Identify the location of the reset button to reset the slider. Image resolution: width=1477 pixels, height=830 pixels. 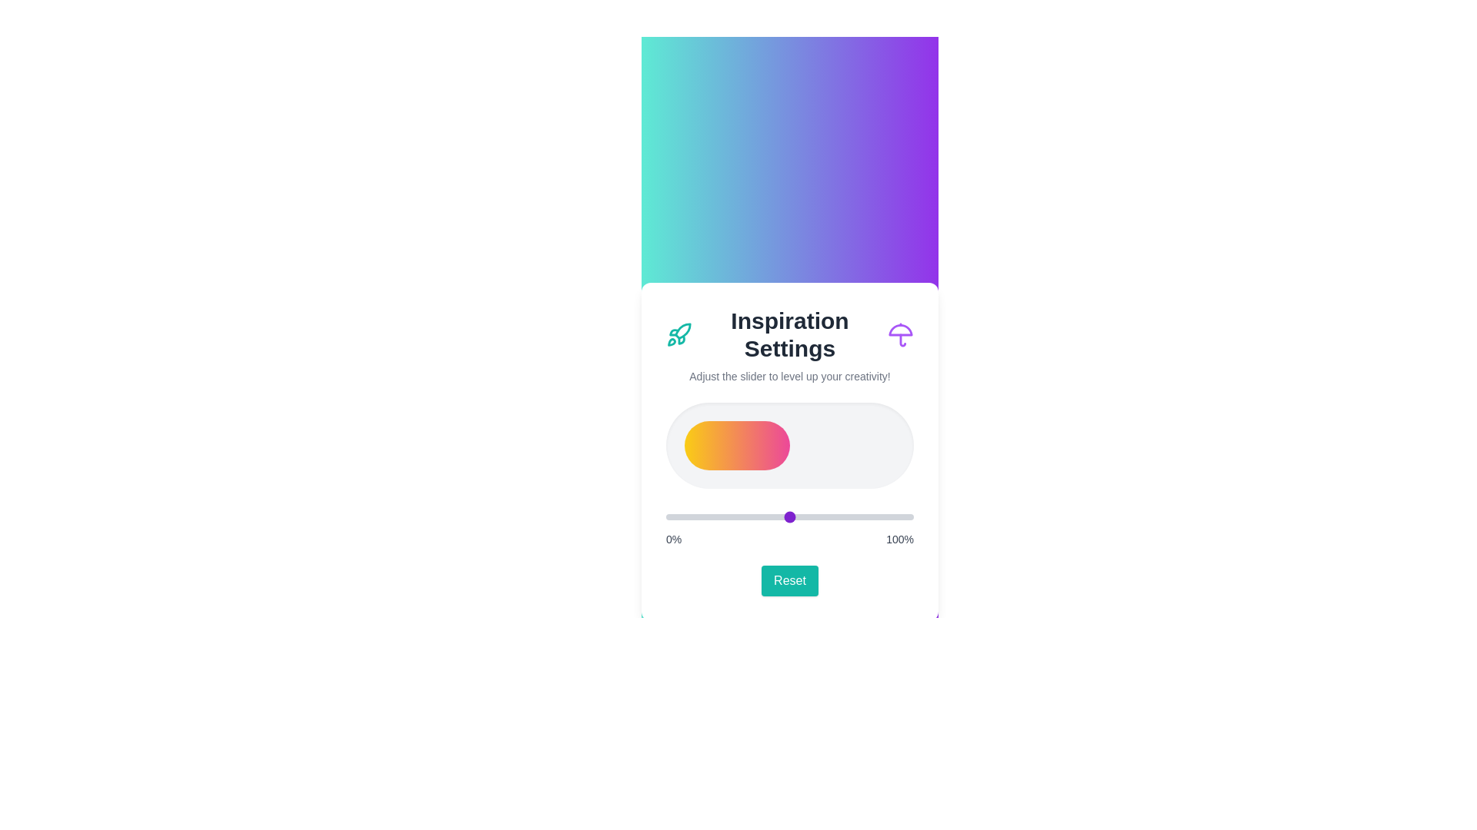
(790, 581).